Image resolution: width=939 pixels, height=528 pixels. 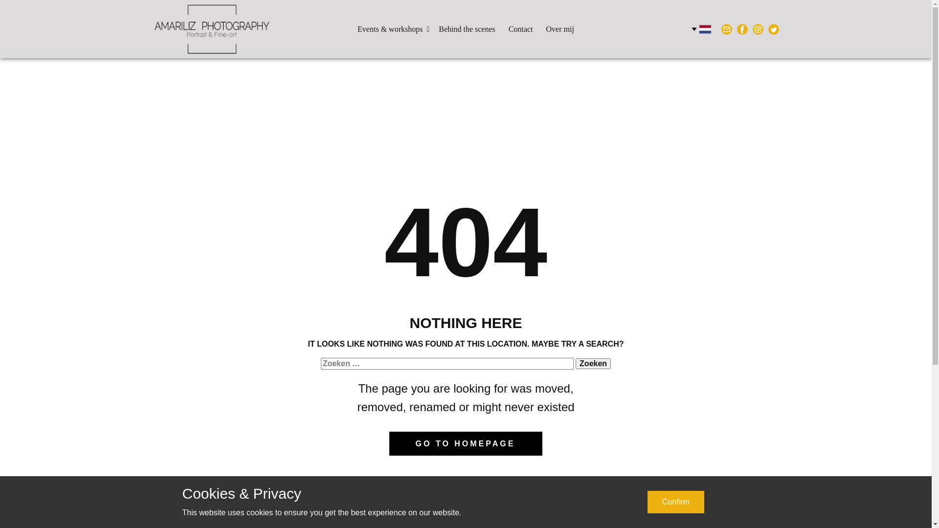 What do you see at coordinates (520, 29) in the screenshot?
I see `'Contact'` at bounding box center [520, 29].